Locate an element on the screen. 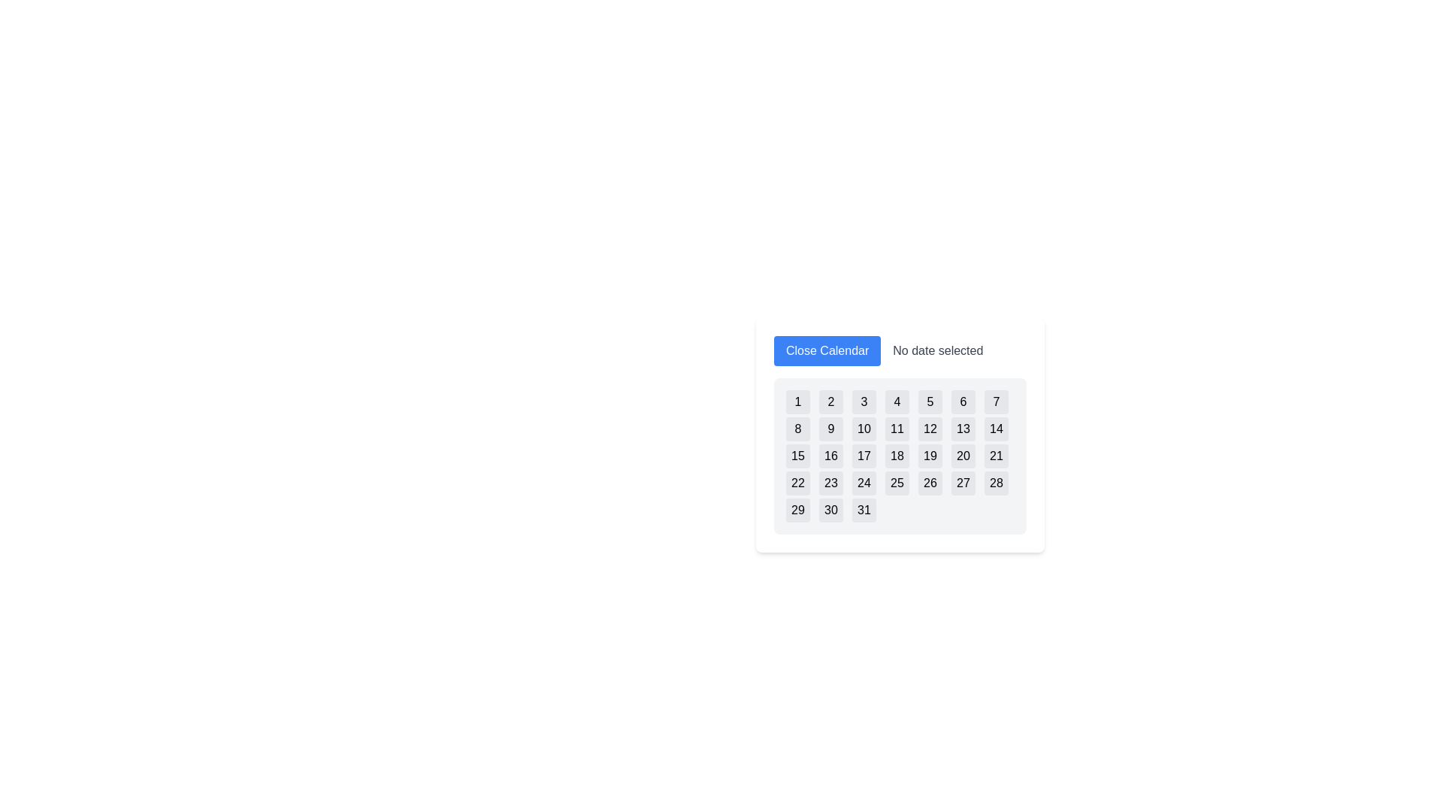 This screenshot has height=812, width=1443. the square button with the number '11' displayed in bold black text, located in the second row and fourth column of the calendar grid is located at coordinates (897, 429).